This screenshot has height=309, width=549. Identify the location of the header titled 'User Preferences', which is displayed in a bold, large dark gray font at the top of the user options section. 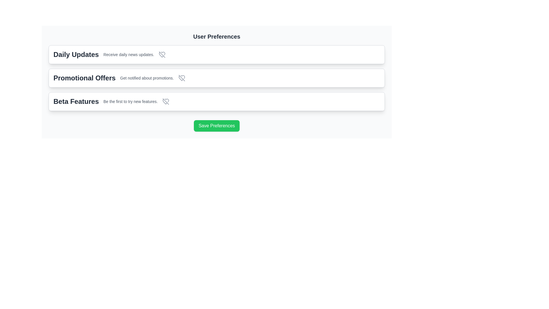
(216, 36).